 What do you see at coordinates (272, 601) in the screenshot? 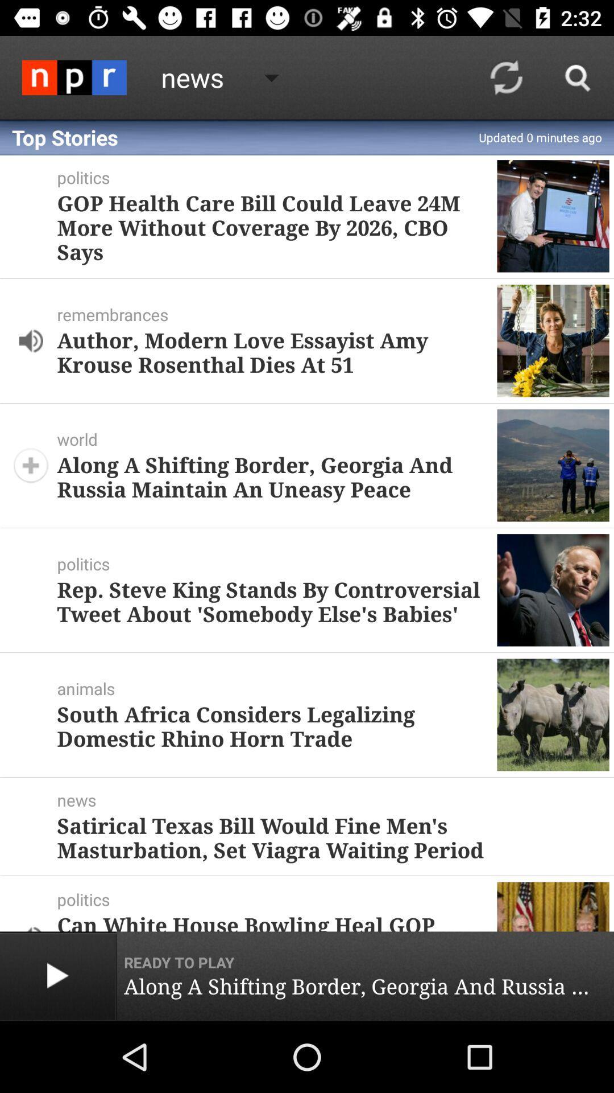
I see `the icon above animals` at bounding box center [272, 601].